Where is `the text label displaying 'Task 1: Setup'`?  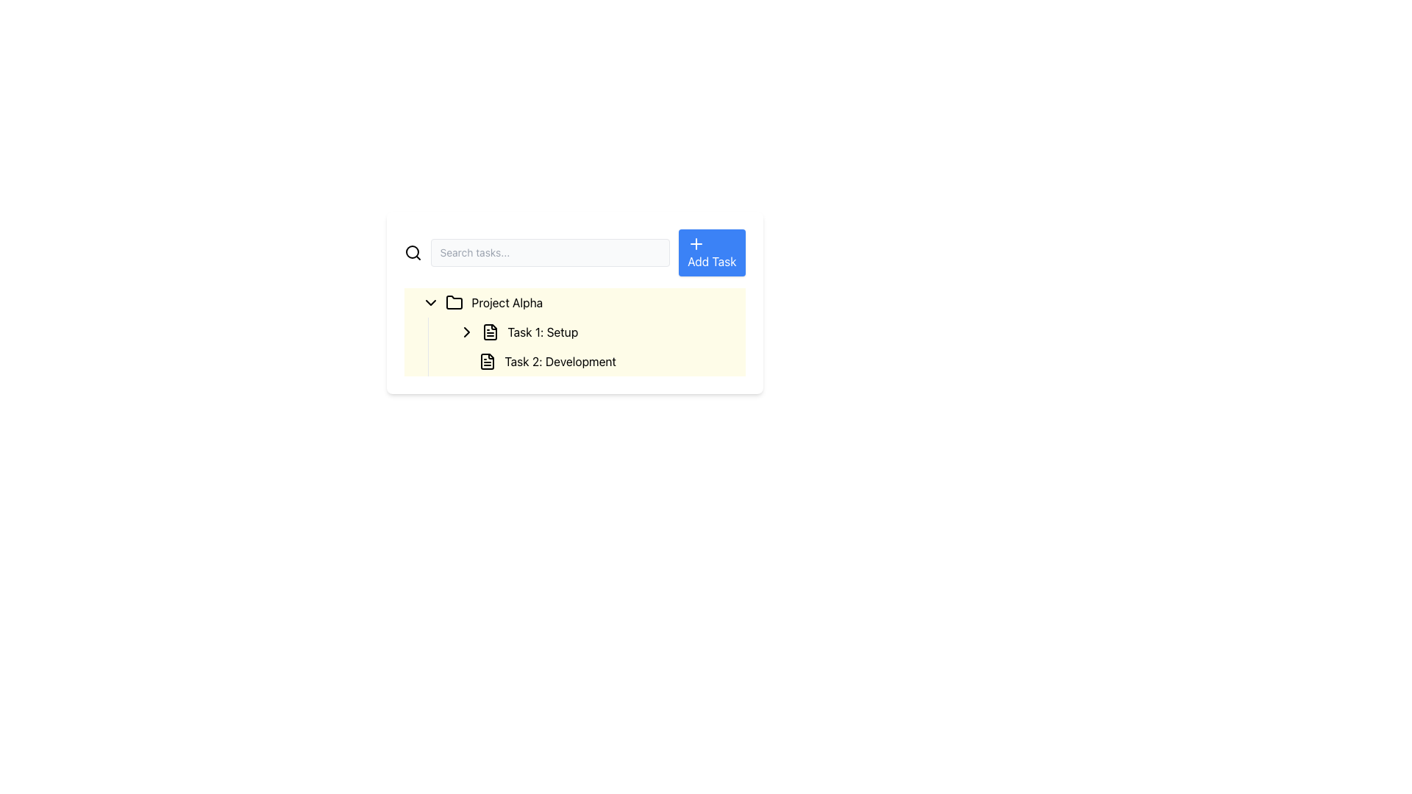
the text label displaying 'Task 1: Setup' is located at coordinates (542, 332).